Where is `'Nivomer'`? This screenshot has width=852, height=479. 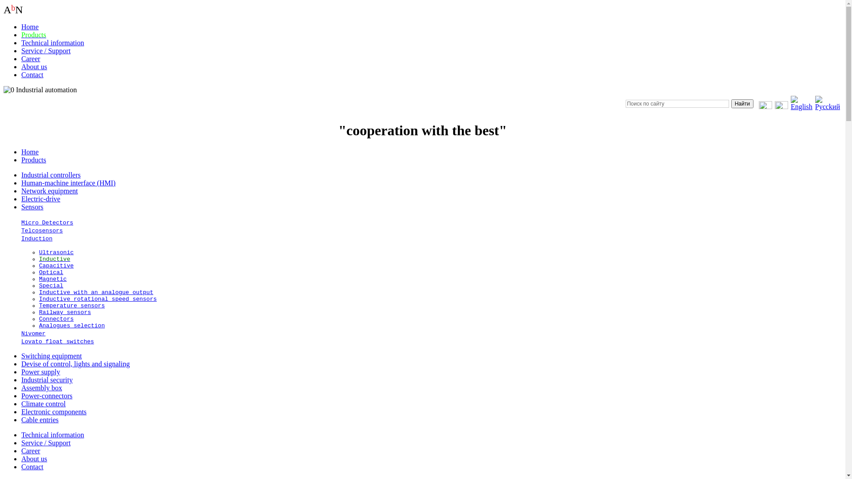 'Nivomer' is located at coordinates (33, 334).